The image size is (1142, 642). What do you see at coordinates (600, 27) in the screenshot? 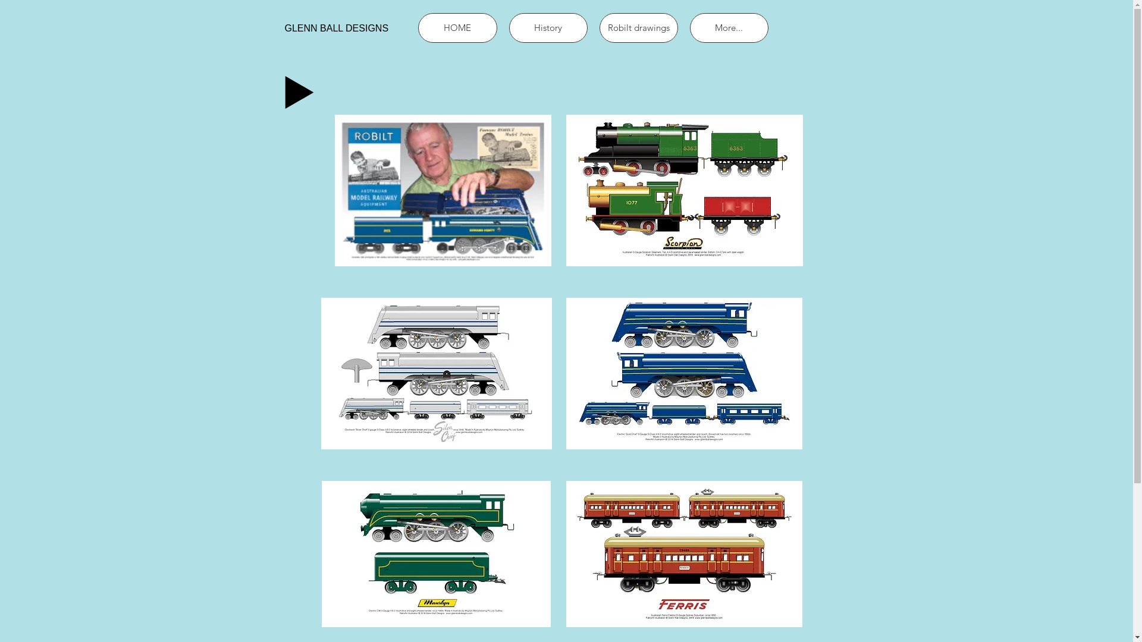
I see `'Robilt drawings'` at bounding box center [600, 27].